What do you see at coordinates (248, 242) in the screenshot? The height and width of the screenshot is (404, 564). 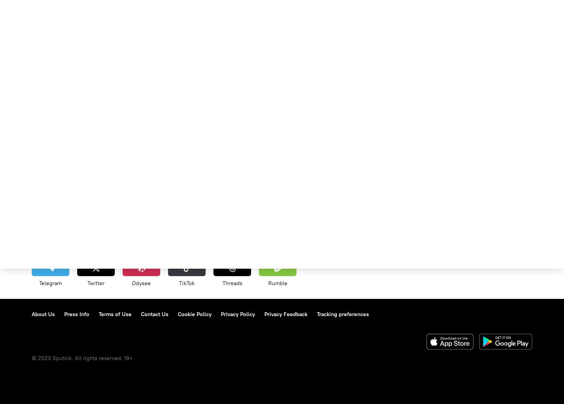 I see `'Economy'` at bounding box center [248, 242].